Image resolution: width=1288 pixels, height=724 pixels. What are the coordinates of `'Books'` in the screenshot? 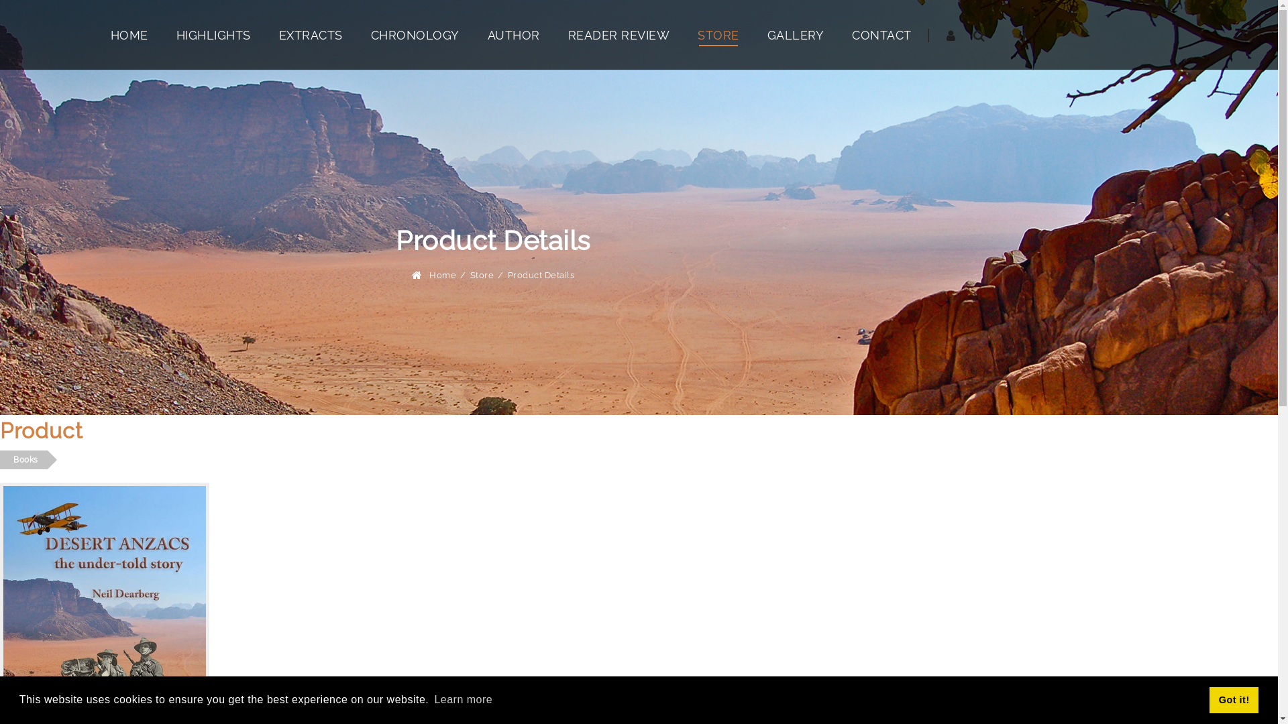 It's located at (23, 459).